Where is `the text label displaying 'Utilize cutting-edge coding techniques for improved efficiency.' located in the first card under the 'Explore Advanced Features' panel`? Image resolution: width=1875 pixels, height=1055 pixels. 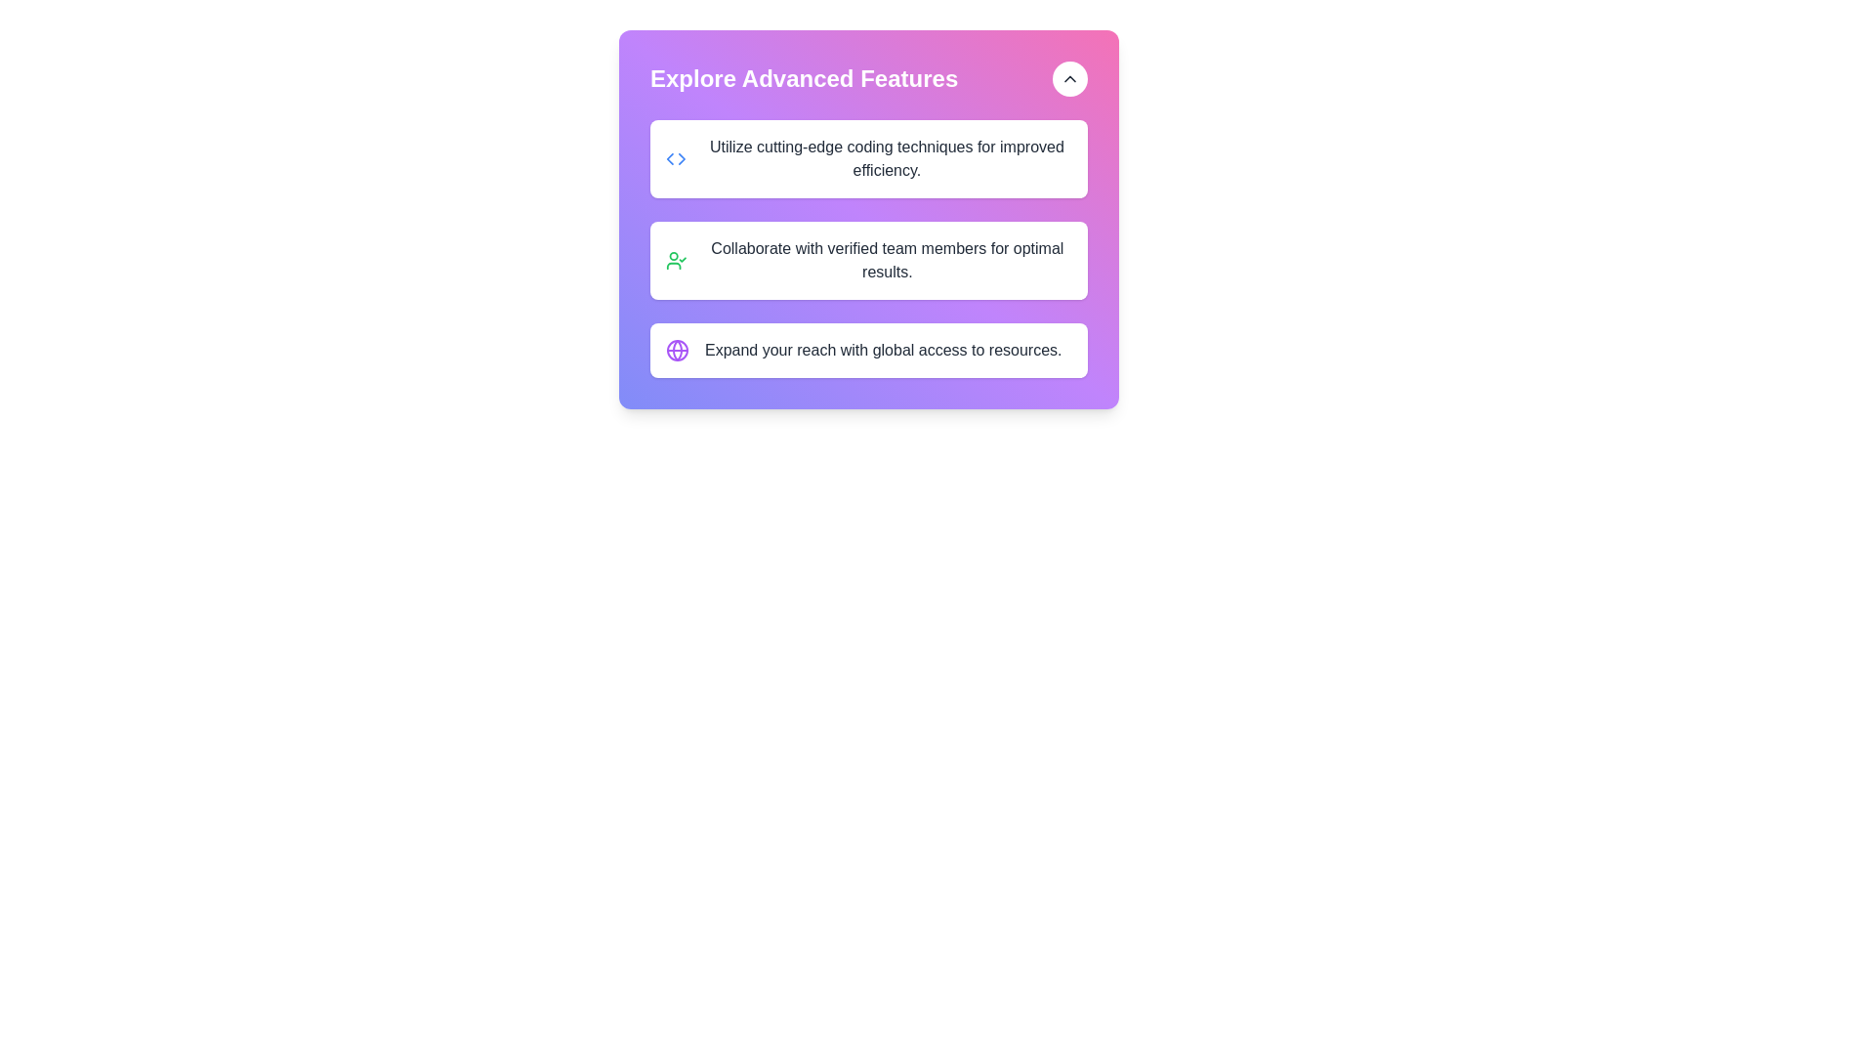
the text label displaying 'Utilize cutting-edge coding techniques for improved efficiency.' located in the first card under the 'Explore Advanced Features' panel is located at coordinates (886, 157).